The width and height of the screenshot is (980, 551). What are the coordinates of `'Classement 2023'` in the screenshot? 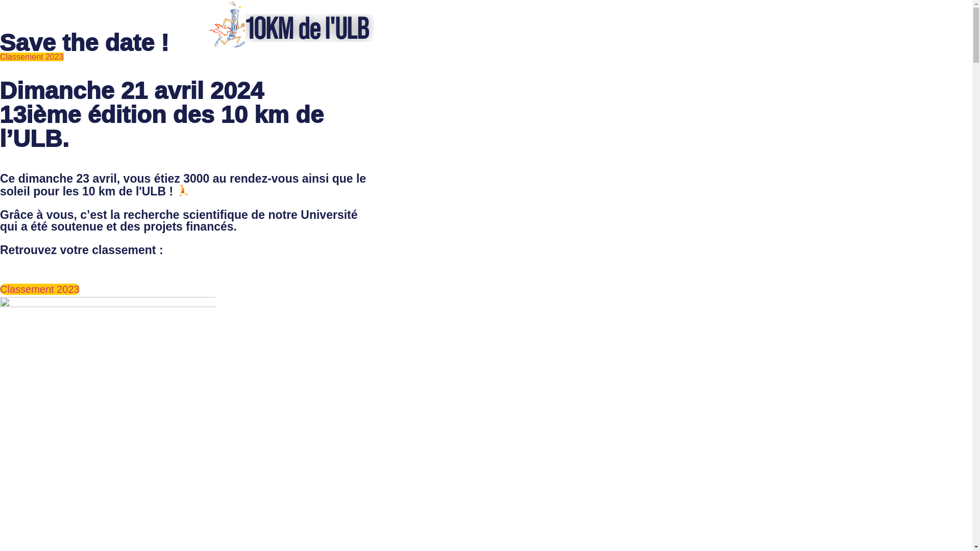 It's located at (0, 289).